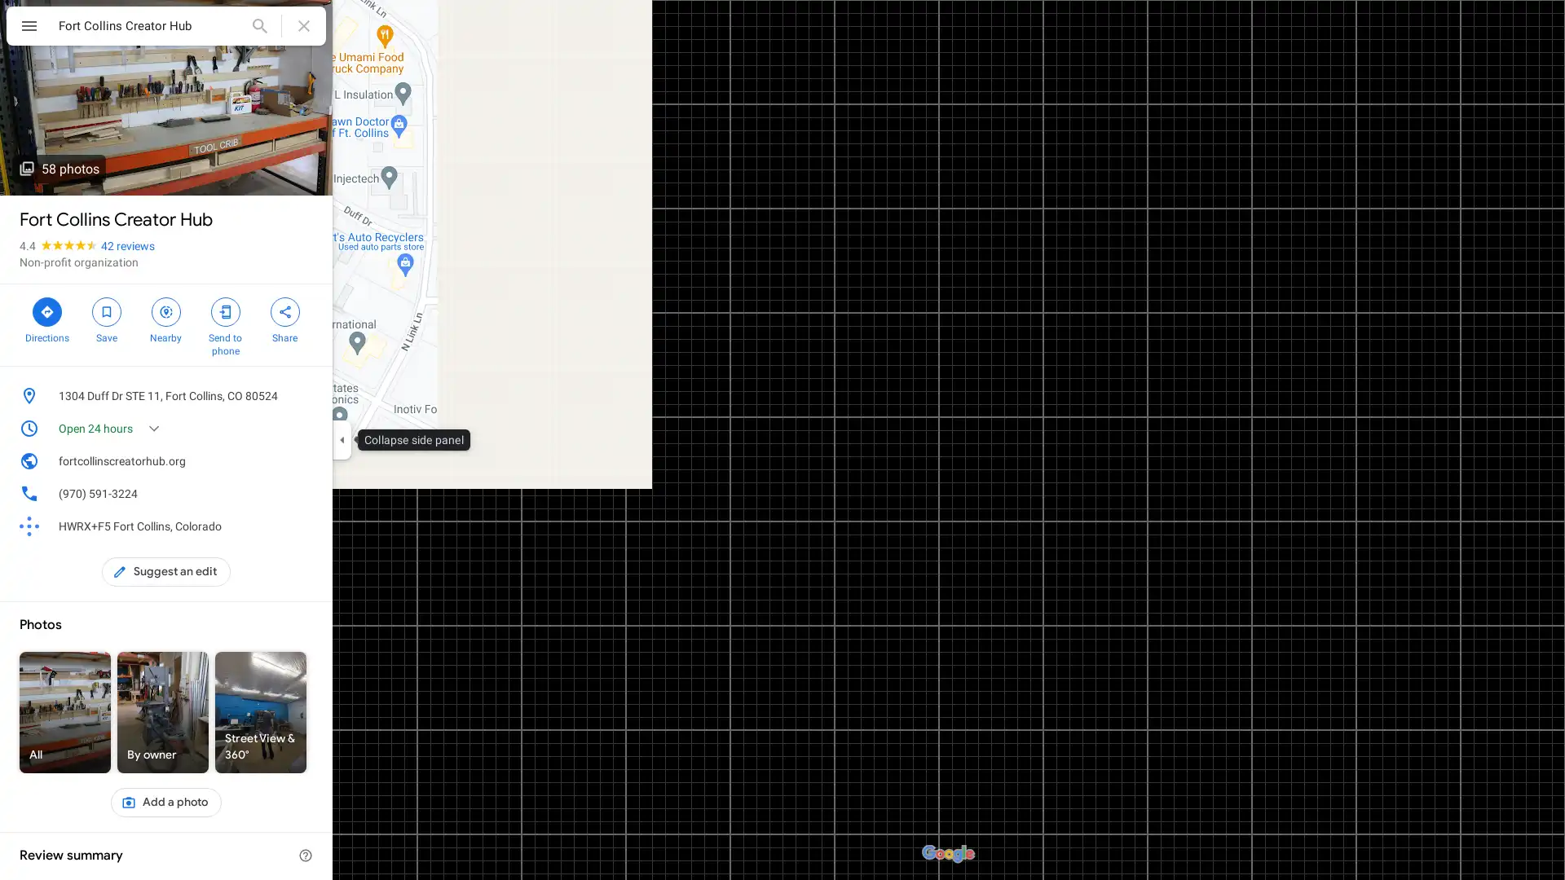  Describe the element at coordinates (224, 324) in the screenshot. I see `Send Fort Collins Creator Hub to your phone` at that location.